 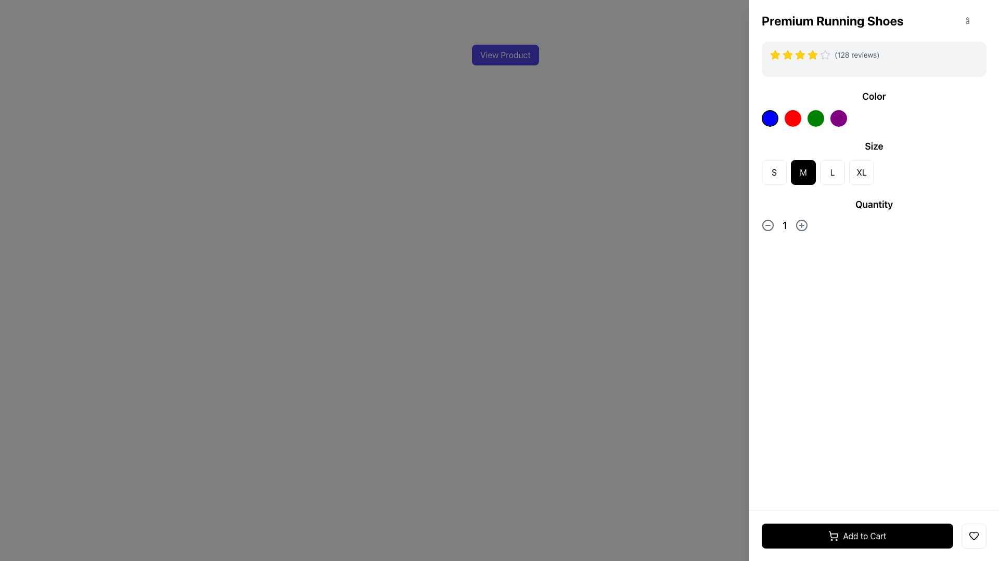 I want to click on the first star icon used for rating in the product details area, which represents the quality or popularity of the product, so click(x=775, y=55).